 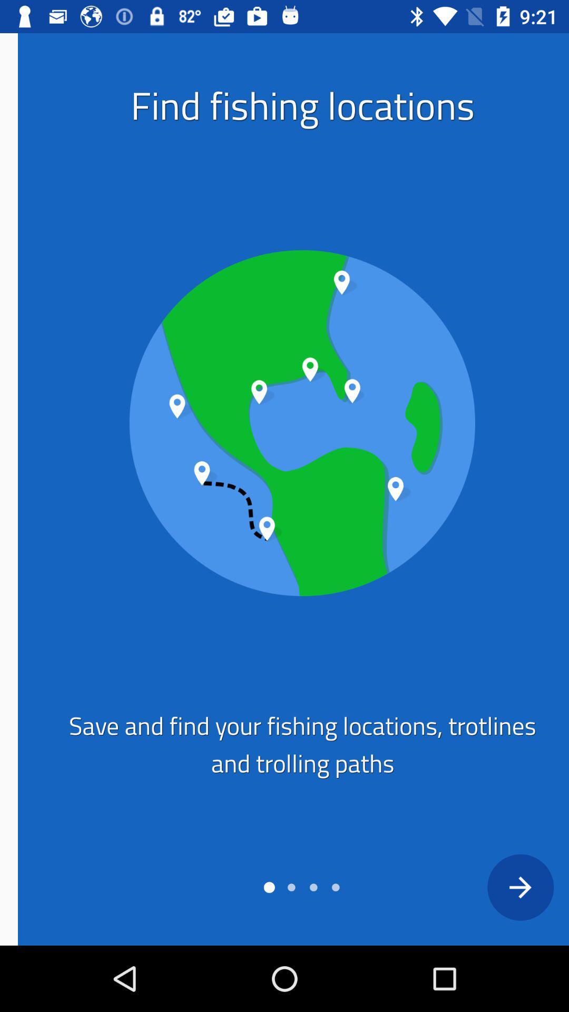 I want to click on the arrow_forward icon, so click(x=502, y=887).